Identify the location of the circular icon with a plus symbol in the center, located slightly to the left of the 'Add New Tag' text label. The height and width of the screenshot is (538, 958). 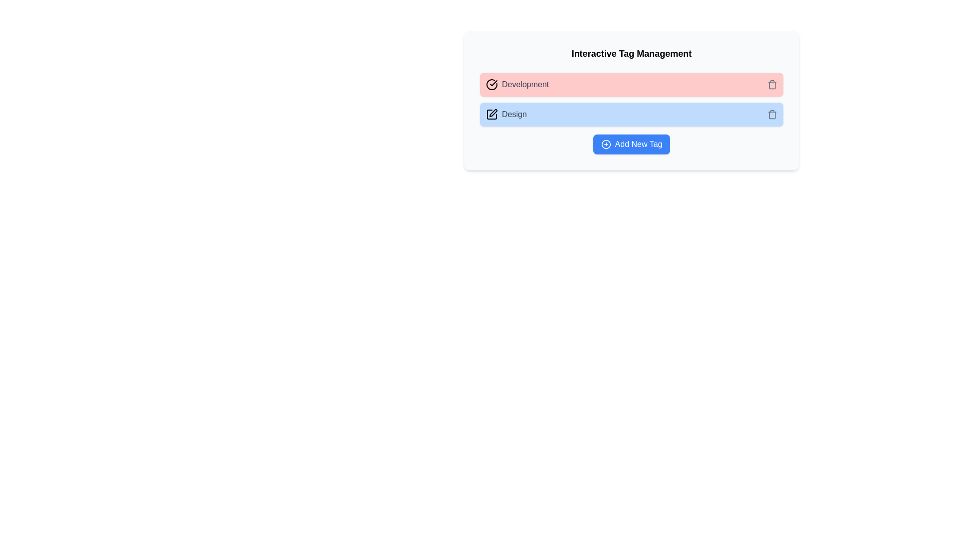
(605, 144).